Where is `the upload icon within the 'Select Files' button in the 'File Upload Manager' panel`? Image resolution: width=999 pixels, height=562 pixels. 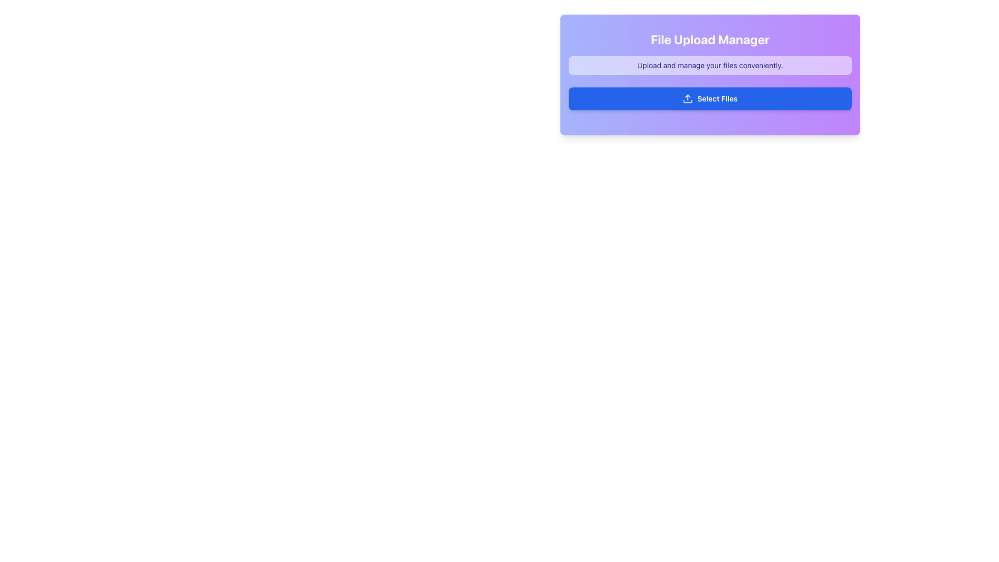
the upload icon within the 'Select Files' button in the 'File Upload Manager' panel is located at coordinates (688, 98).